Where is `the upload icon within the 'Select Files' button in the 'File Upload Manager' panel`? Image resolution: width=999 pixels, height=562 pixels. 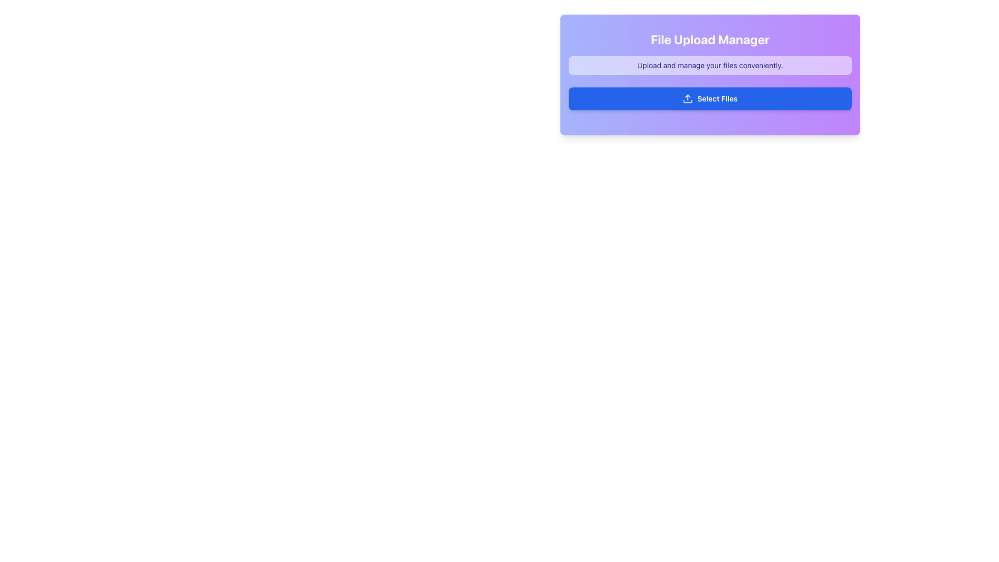
the upload icon within the 'Select Files' button in the 'File Upload Manager' panel is located at coordinates (688, 98).